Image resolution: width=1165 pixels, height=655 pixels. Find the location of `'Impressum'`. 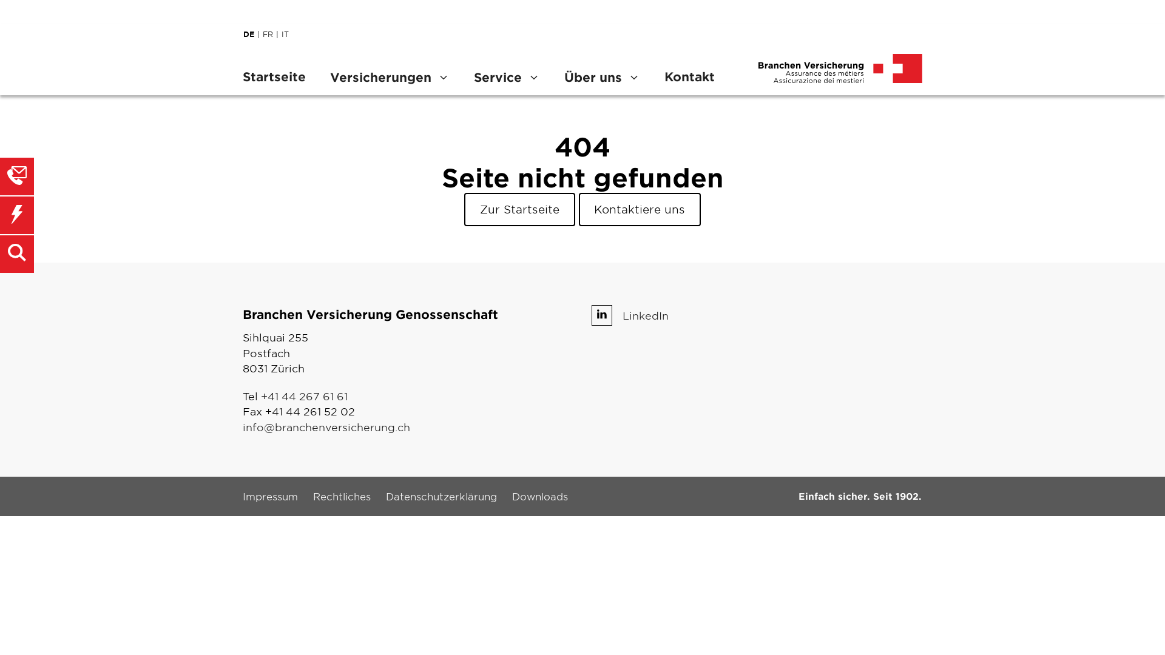

'Impressum' is located at coordinates (269, 495).